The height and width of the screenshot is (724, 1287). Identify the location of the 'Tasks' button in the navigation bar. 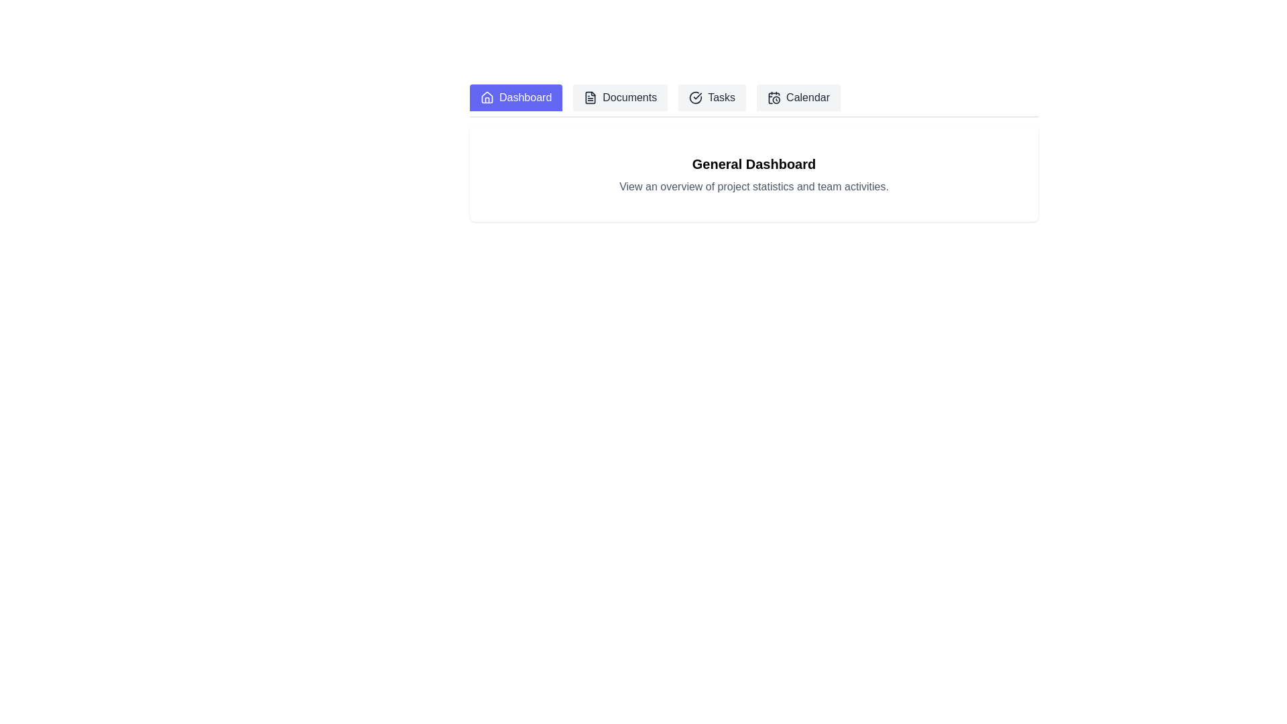
(711, 97).